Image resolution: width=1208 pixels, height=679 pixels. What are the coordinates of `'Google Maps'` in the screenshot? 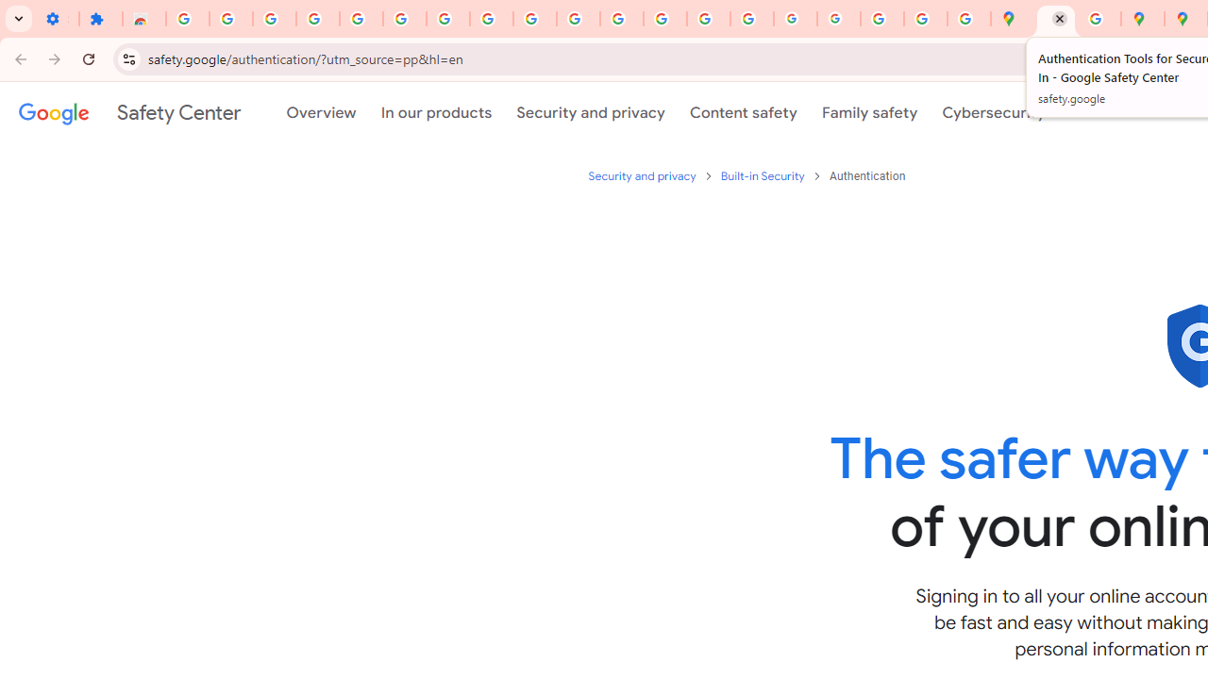 It's located at (1011, 19).